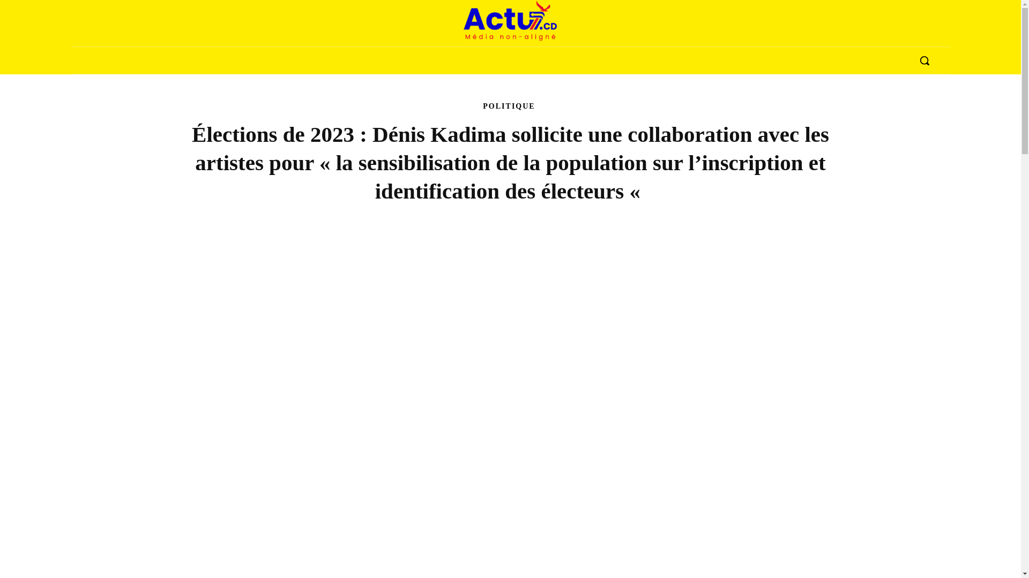  What do you see at coordinates (479, 107) in the screenshot?
I see `'POLITIQUE'` at bounding box center [479, 107].